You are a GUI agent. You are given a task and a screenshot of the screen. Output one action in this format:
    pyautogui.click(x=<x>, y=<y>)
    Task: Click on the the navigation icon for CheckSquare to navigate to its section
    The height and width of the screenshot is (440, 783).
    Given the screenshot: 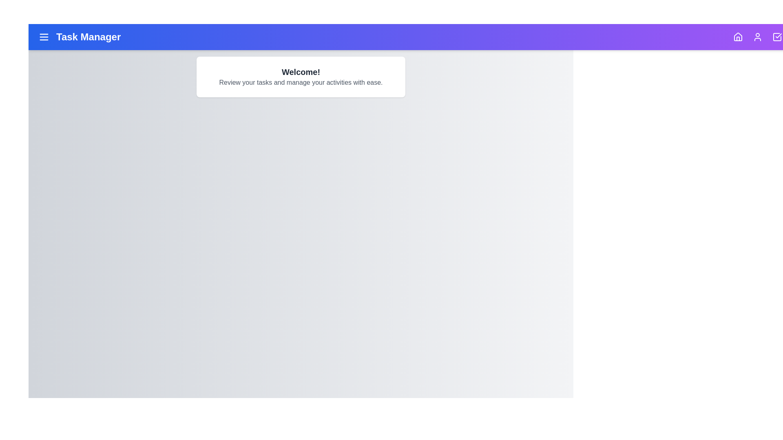 What is the action you would take?
    pyautogui.click(x=776, y=37)
    